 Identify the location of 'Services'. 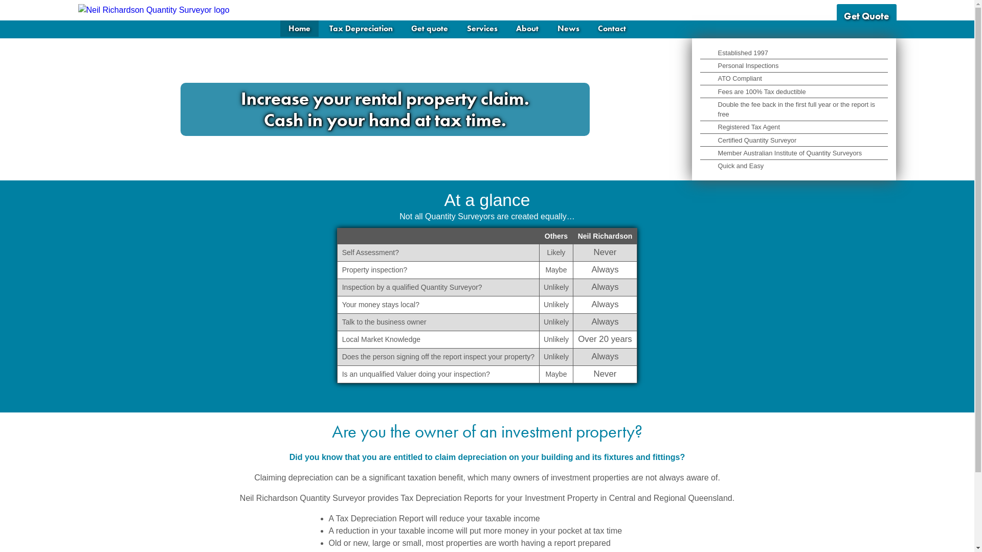
(458, 28).